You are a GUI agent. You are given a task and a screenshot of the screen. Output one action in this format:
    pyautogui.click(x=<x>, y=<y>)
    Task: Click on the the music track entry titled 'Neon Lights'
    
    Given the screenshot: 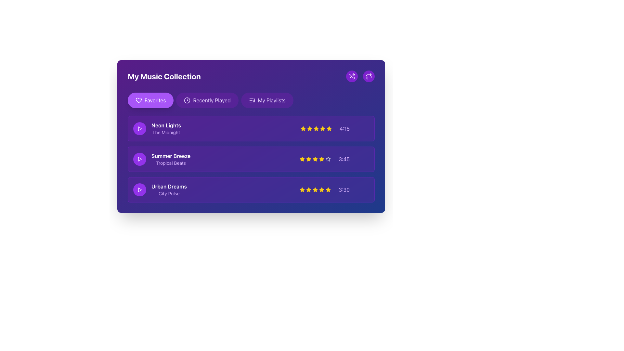 What is the action you would take?
    pyautogui.click(x=157, y=129)
    